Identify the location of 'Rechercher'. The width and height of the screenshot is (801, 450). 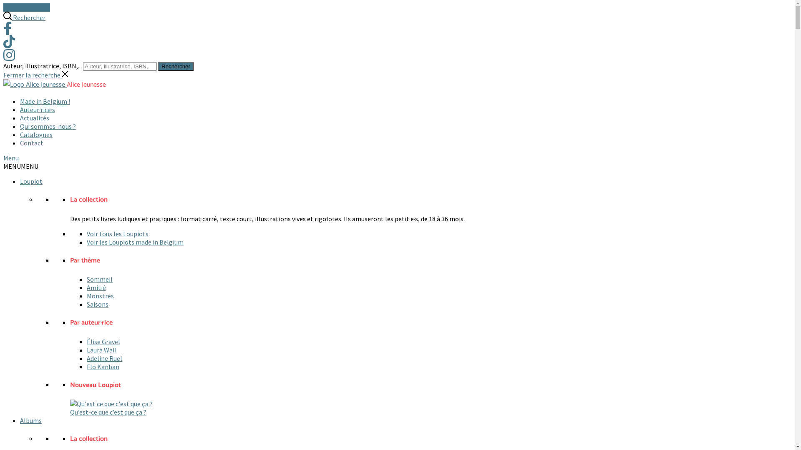
(175, 66).